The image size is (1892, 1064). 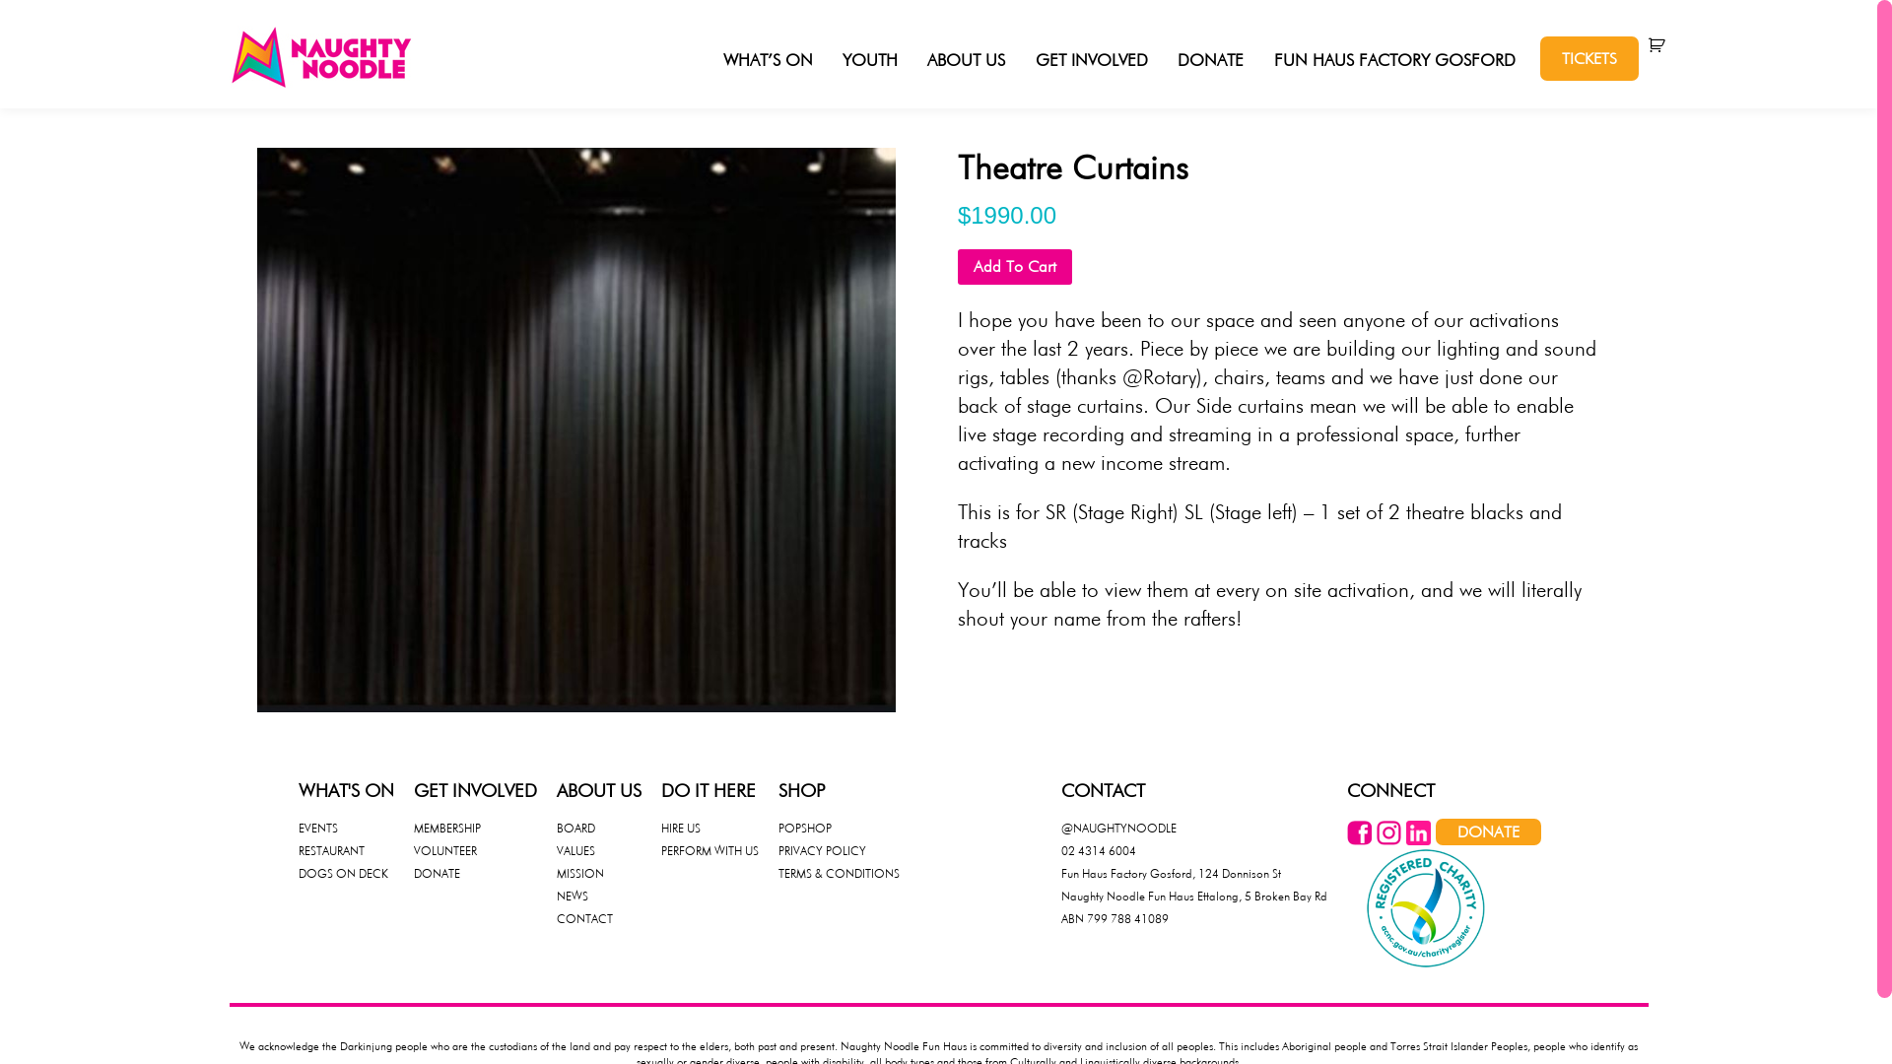 What do you see at coordinates (957, 266) in the screenshot?
I see `'Add To Cart'` at bounding box center [957, 266].